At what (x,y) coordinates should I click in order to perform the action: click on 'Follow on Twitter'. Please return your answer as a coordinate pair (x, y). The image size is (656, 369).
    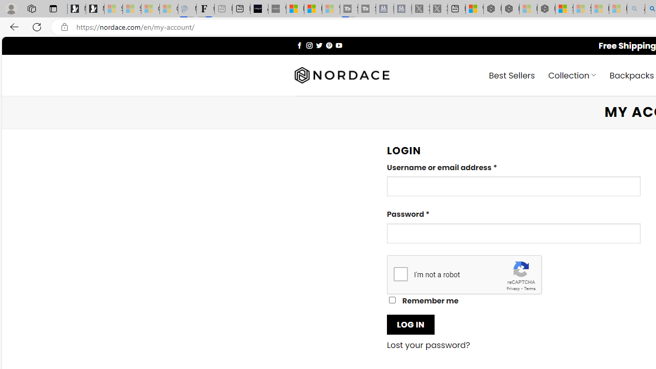
    Looking at the image, I should click on (318, 45).